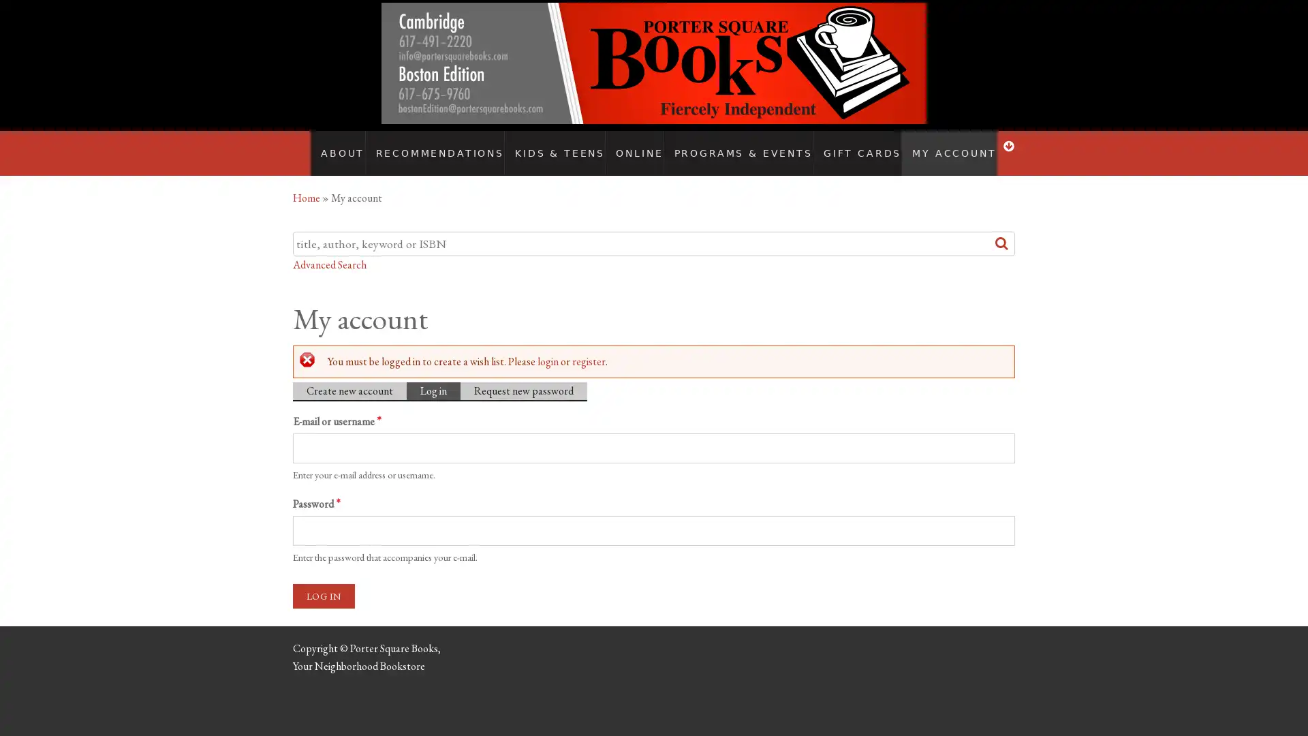  What do you see at coordinates (1001, 230) in the screenshot?
I see `Search` at bounding box center [1001, 230].